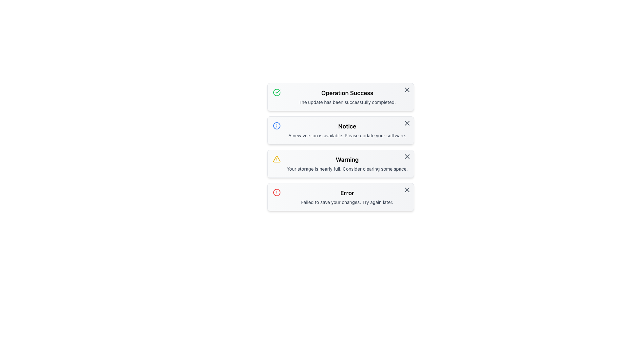 The image size is (629, 353). I want to click on the diagonal line of the close icon in the 'Warning' notification, so click(407, 156).